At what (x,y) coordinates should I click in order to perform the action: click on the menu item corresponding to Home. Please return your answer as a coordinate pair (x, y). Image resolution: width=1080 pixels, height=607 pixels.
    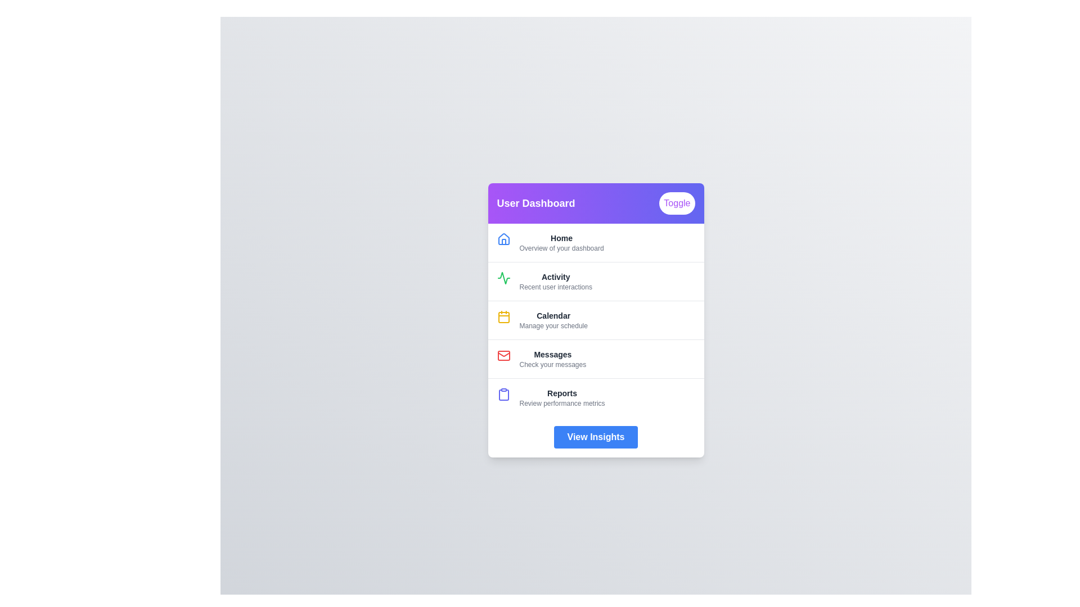
    Looking at the image, I should click on (595, 242).